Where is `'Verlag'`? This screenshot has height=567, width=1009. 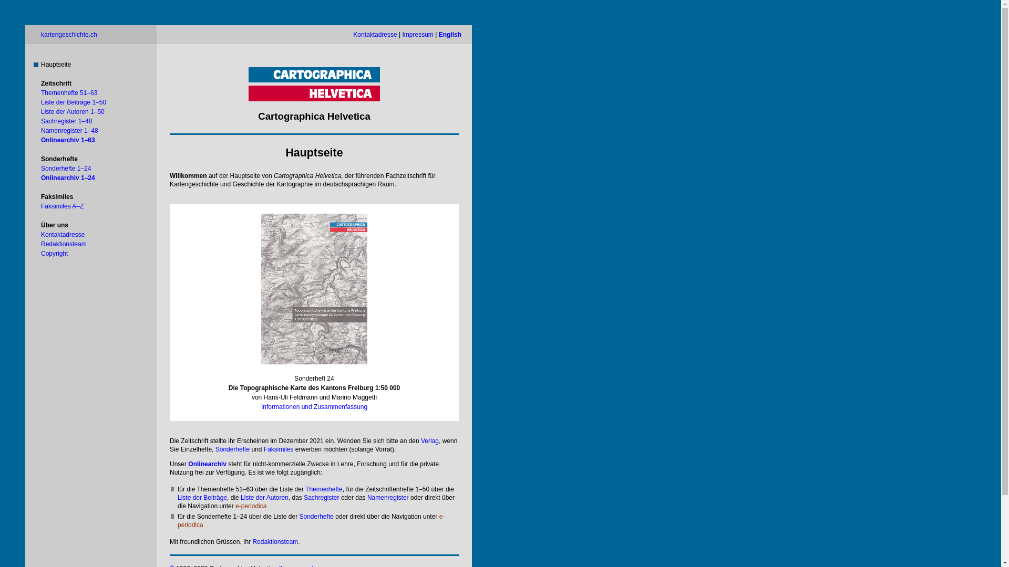 'Verlag' is located at coordinates (429, 441).